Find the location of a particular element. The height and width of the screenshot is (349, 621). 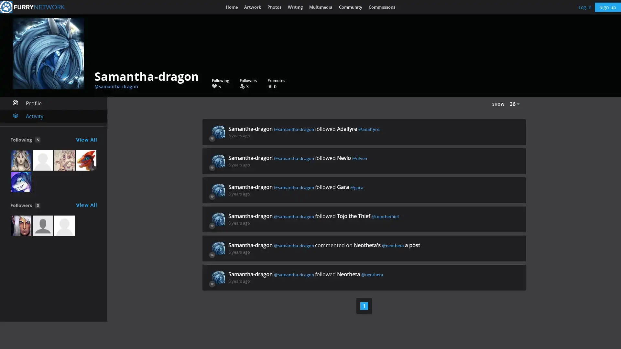

View All is located at coordinates (86, 205).